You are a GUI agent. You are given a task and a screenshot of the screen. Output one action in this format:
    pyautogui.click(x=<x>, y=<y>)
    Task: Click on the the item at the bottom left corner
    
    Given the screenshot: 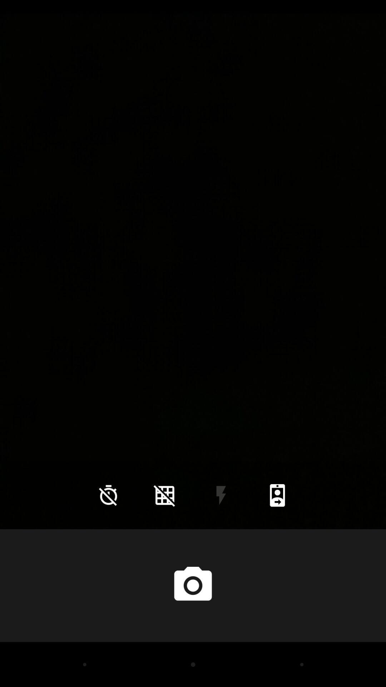 What is the action you would take?
    pyautogui.click(x=108, y=495)
    